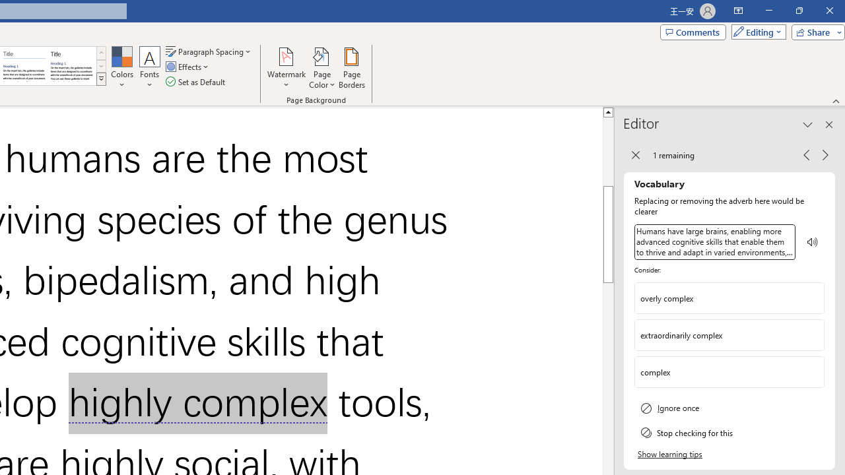 This screenshot has width=845, height=475. What do you see at coordinates (812, 242) in the screenshot?
I see `'AutomationID: DrillInPane_ReadContext'` at bounding box center [812, 242].